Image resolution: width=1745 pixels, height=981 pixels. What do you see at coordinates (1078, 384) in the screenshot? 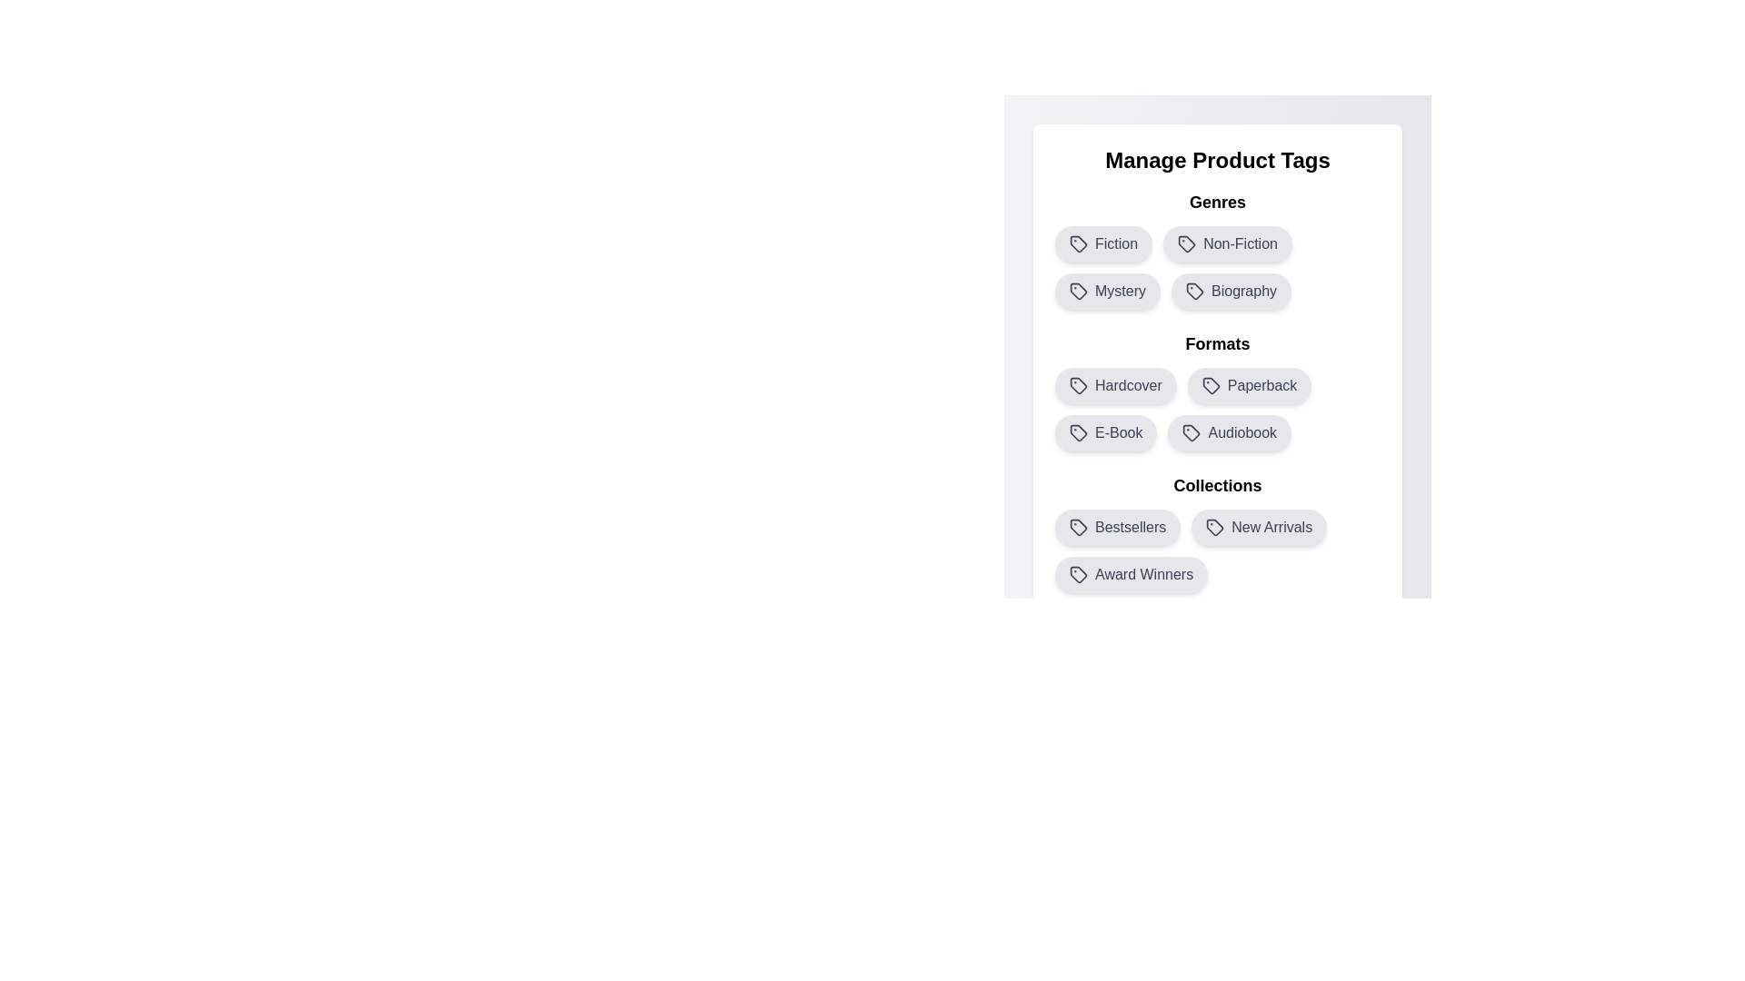
I see `keyboard navigation` at bounding box center [1078, 384].